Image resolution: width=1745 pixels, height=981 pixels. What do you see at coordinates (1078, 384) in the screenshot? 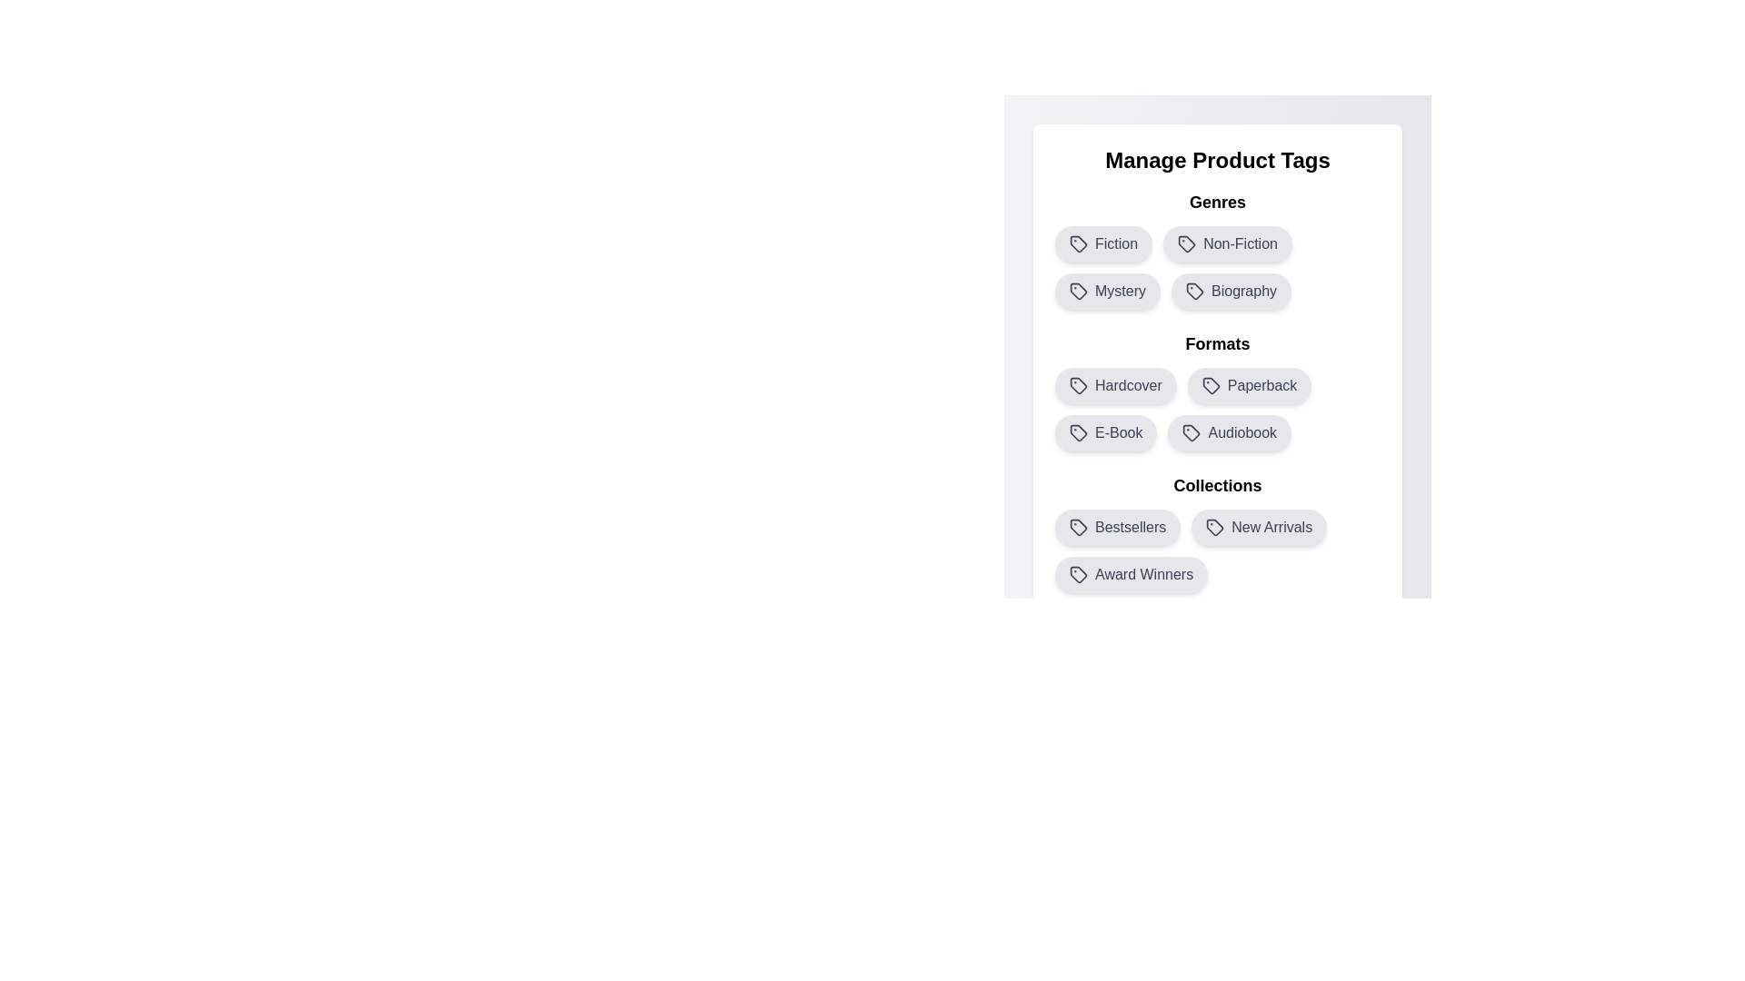
I see `keyboard navigation` at bounding box center [1078, 384].